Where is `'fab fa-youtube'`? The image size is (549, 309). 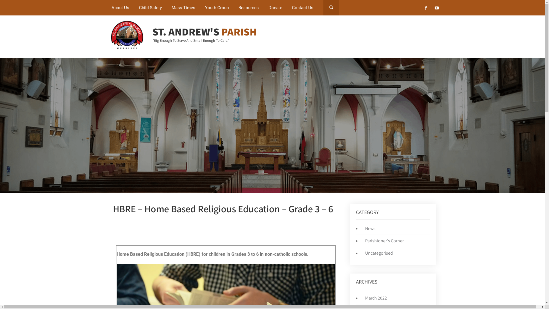 'fab fa-youtube' is located at coordinates (436, 9).